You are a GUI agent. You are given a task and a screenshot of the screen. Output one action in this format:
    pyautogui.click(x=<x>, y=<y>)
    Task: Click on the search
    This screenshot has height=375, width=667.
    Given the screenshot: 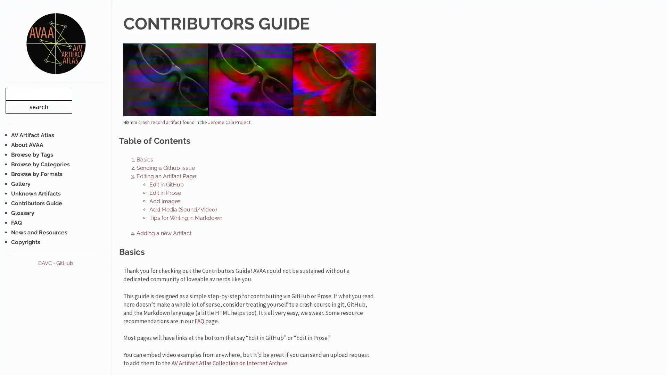 What is the action you would take?
    pyautogui.click(x=38, y=107)
    